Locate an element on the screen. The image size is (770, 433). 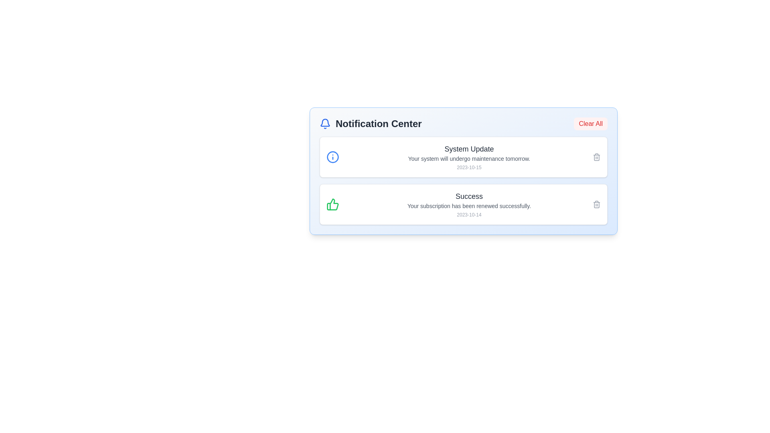
the notification text conveying the system update message, which is located beneath the heading 'System Update' and above the timestamp '2023-10-15' is located at coordinates (469, 159).